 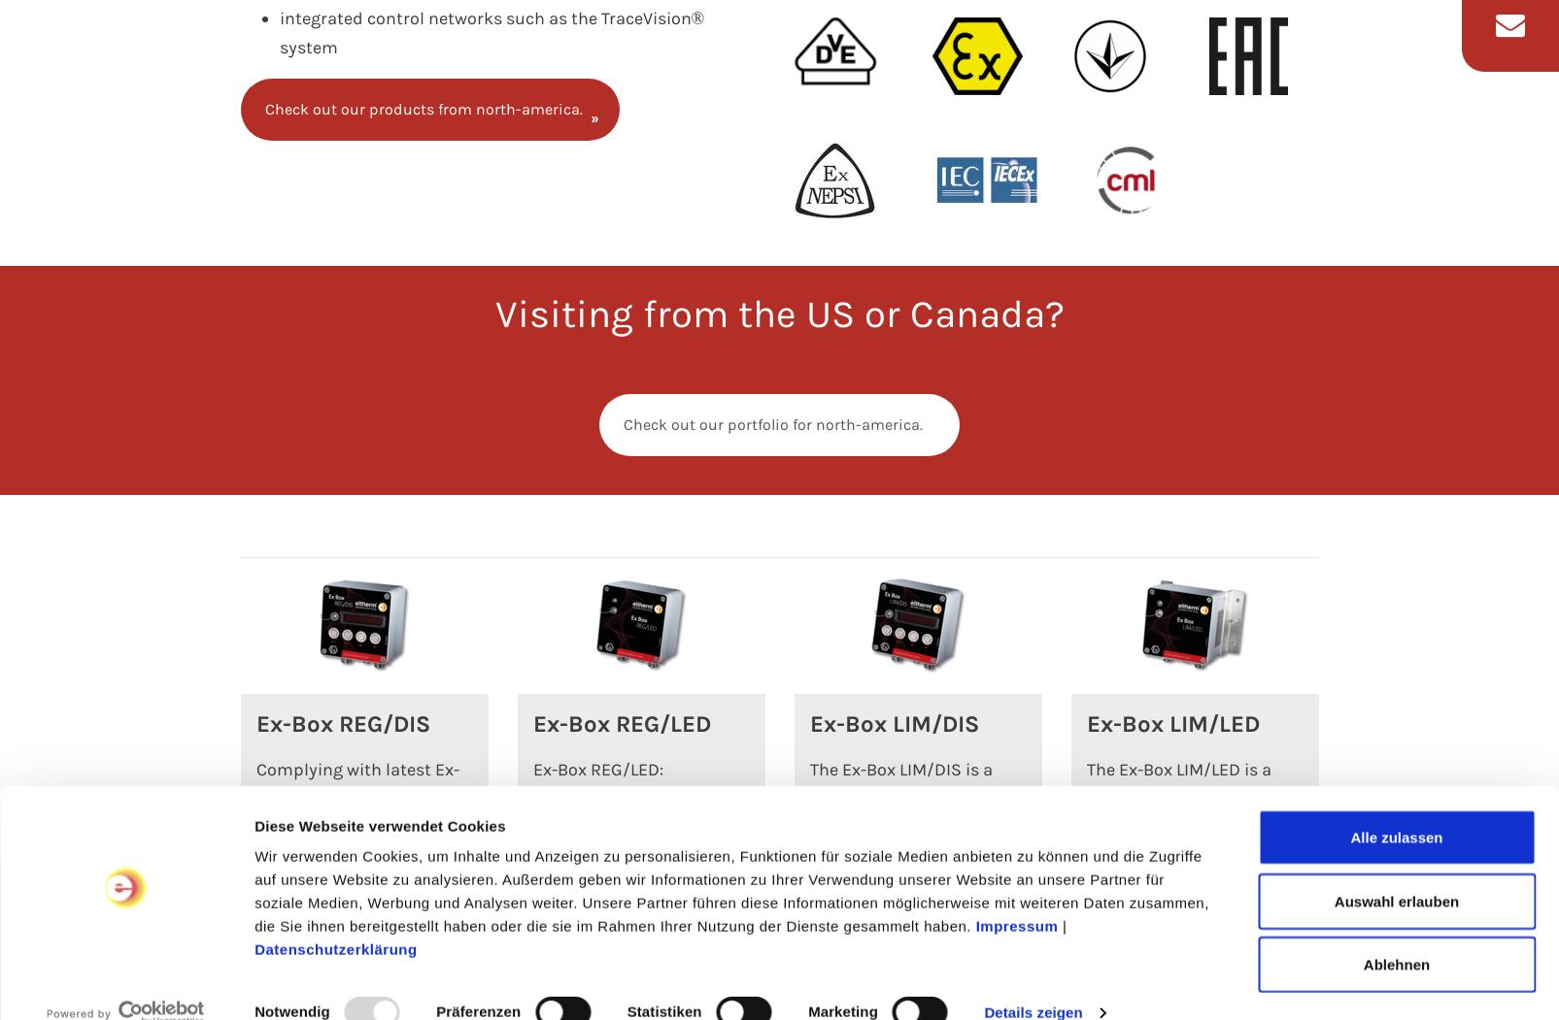 What do you see at coordinates (1171, 723) in the screenshot?
I see `'Ex-Box LIM/LED'` at bounding box center [1171, 723].